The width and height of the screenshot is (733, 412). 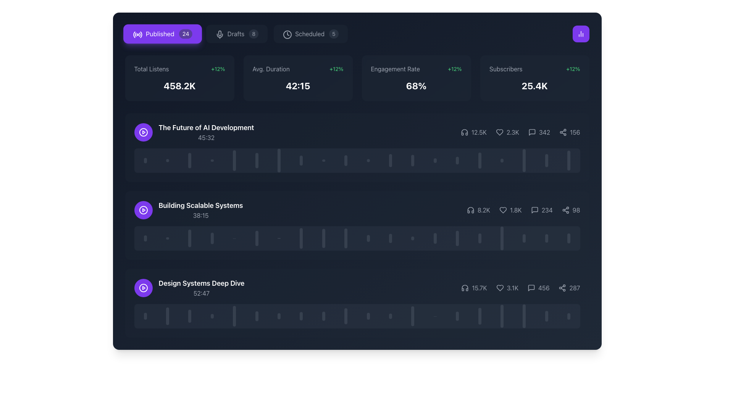 What do you see at coordinates (470, 210) in the screenshot?
I see `the audio-related icon located in the second row, aligned to the left of the text '8.2K'` at bounding box center [470, 210].